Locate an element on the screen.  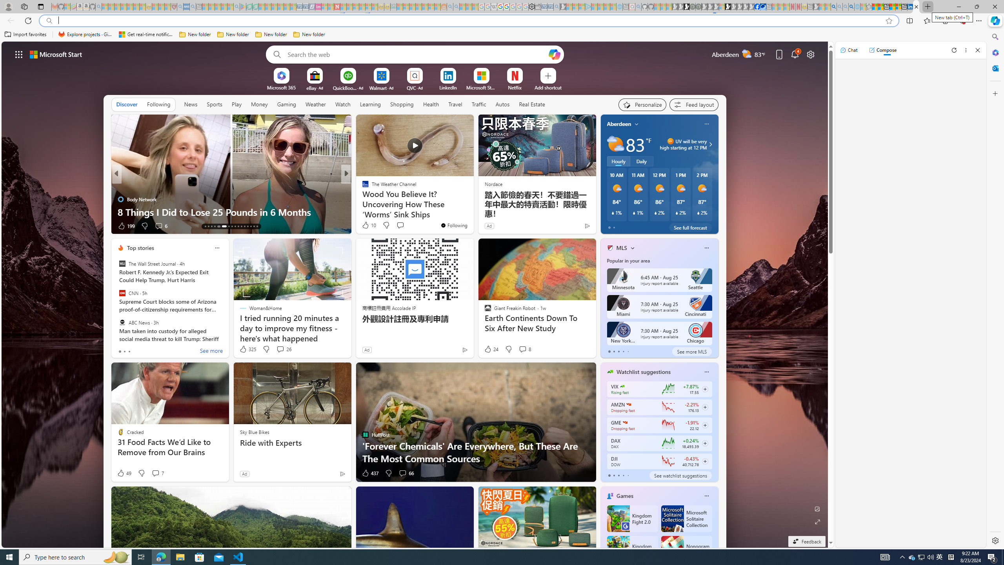
'Bluey: Let' is located at coordinates (243, 6).